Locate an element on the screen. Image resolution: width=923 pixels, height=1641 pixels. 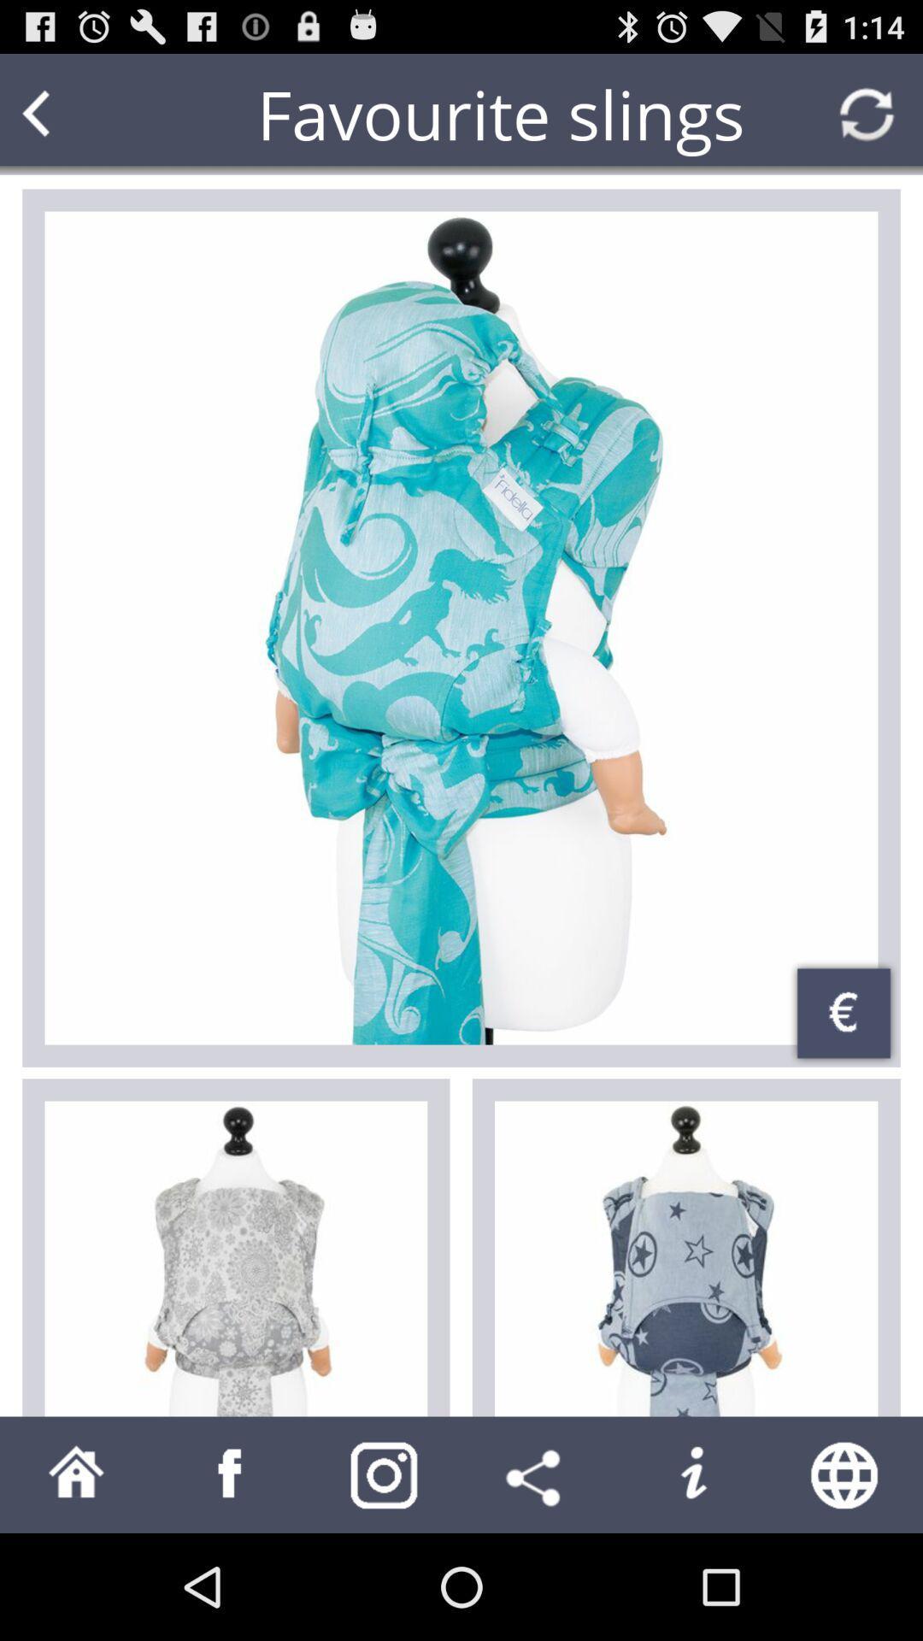
the facebook icon is located at coordinates (231, 1578).